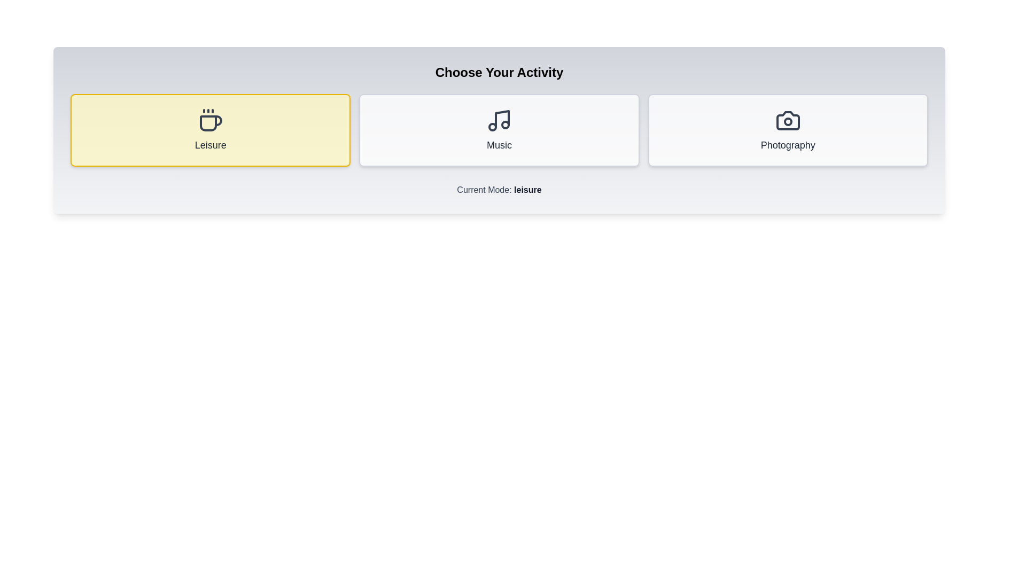 The width and height of the screenshot is (1026, 577). What do you see at coordinates (499, 129) in the screenshot?
I see `the Music button to observe its hover effect` at bounding box center [499, 129].